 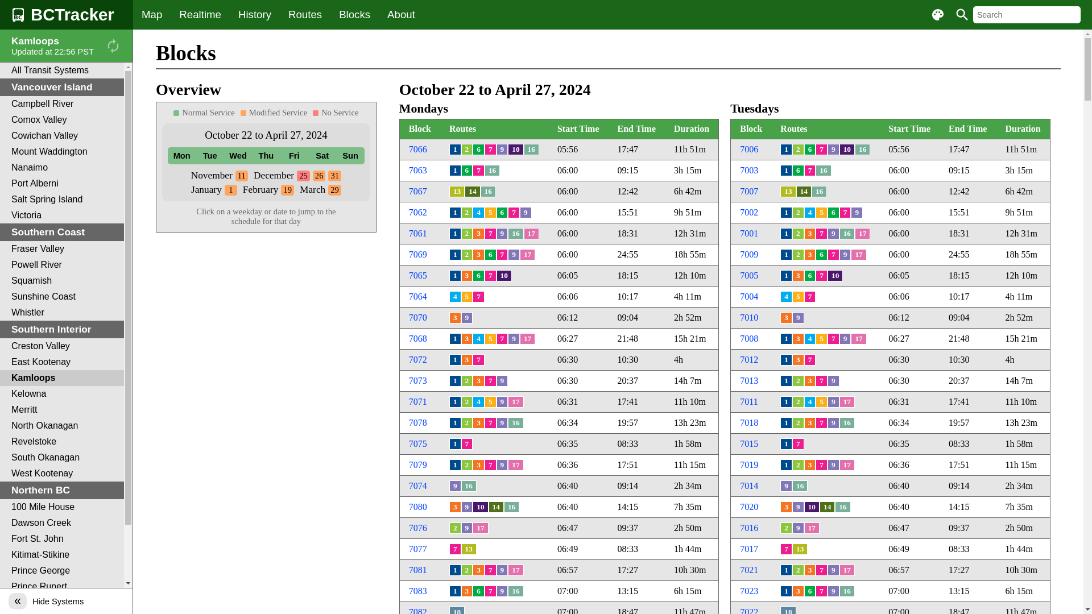 I want to click on '7008', so click(x=748, y=338).